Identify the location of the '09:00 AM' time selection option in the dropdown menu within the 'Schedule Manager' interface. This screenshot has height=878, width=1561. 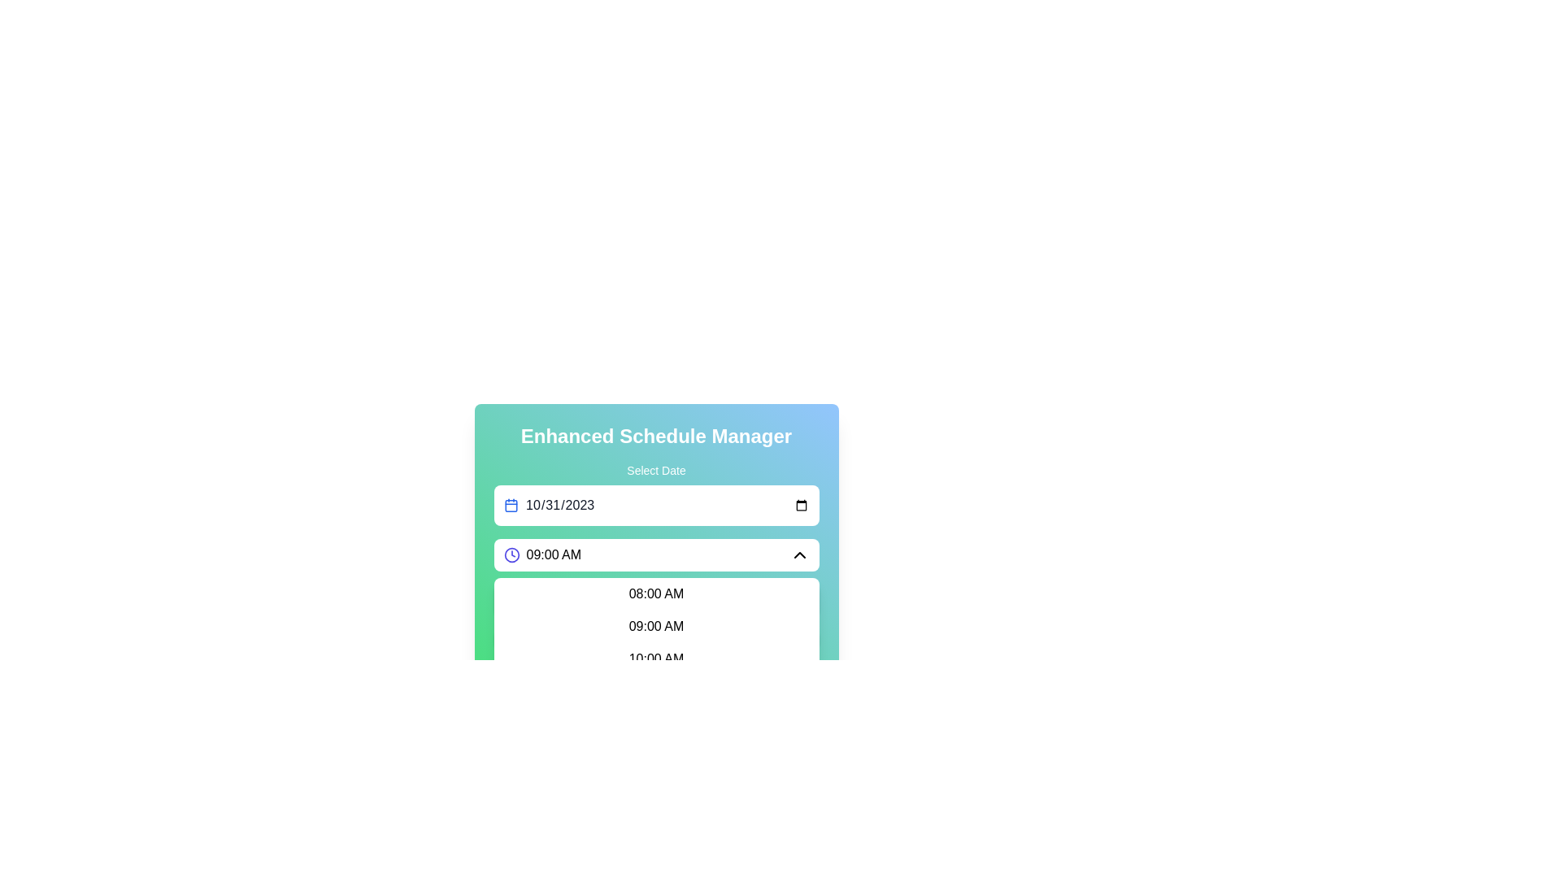
(656, 626).